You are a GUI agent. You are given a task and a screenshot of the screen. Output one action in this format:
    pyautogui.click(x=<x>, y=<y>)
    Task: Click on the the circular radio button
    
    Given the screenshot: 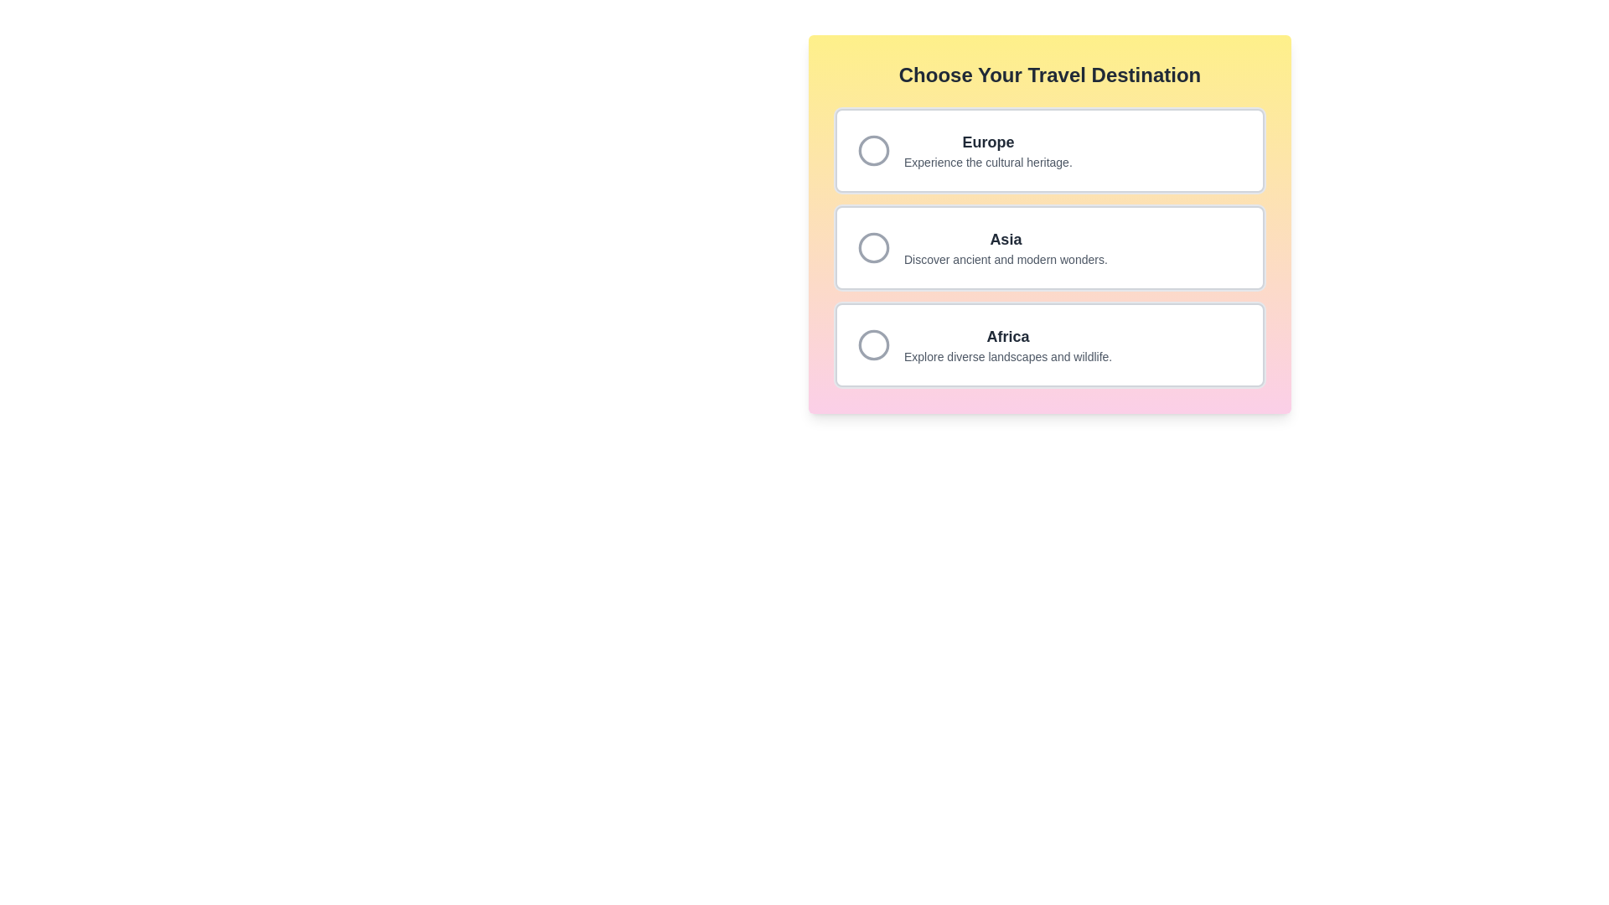 What is the action you would take?
    pyautogui.click(x=872, y=151)
    